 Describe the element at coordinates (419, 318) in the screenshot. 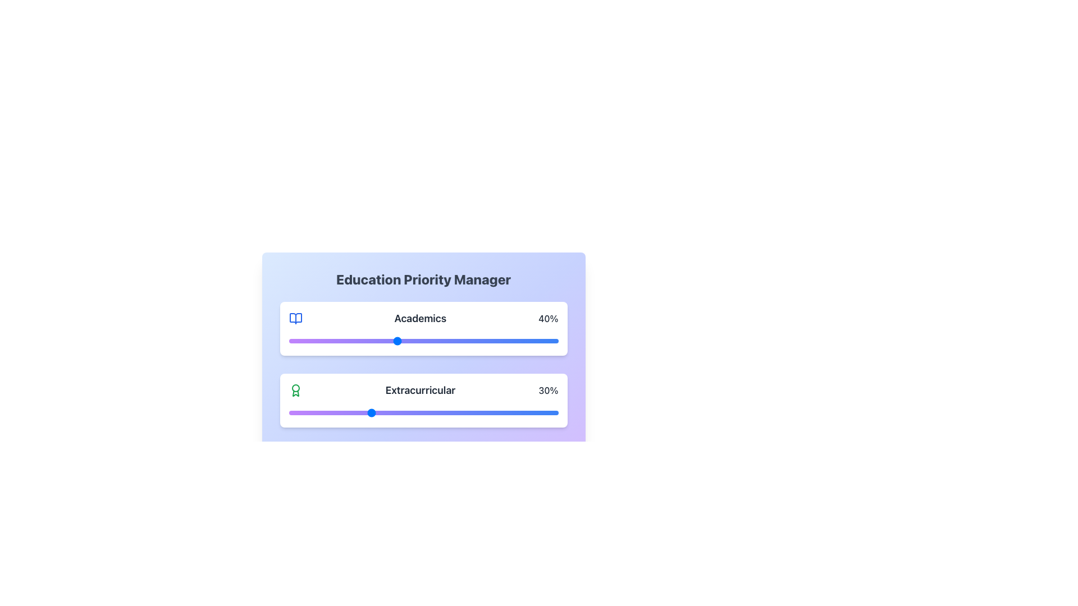

I see `the 'Academics' label for the slider component, which is styled with bold text and located between an open book icon and the text '40%' in the Education Priority Manager interface` at that location.